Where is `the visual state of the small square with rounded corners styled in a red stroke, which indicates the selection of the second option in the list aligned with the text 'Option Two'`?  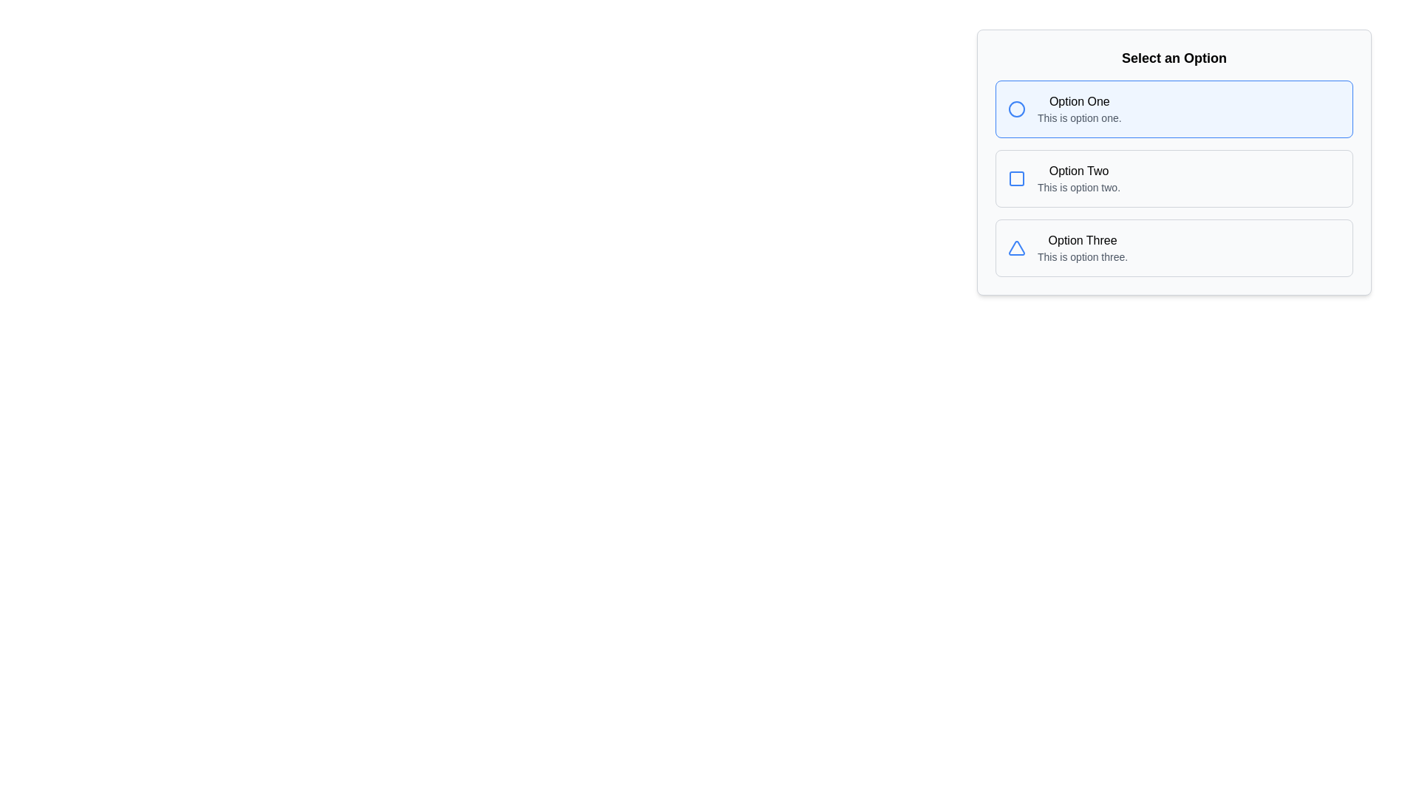
the visual state of the small square with rounded corners styled in a red stroke, which indicates the selection of the second option in the list aligned with the text 'Option Two' is located at coordinates (1016, 178).